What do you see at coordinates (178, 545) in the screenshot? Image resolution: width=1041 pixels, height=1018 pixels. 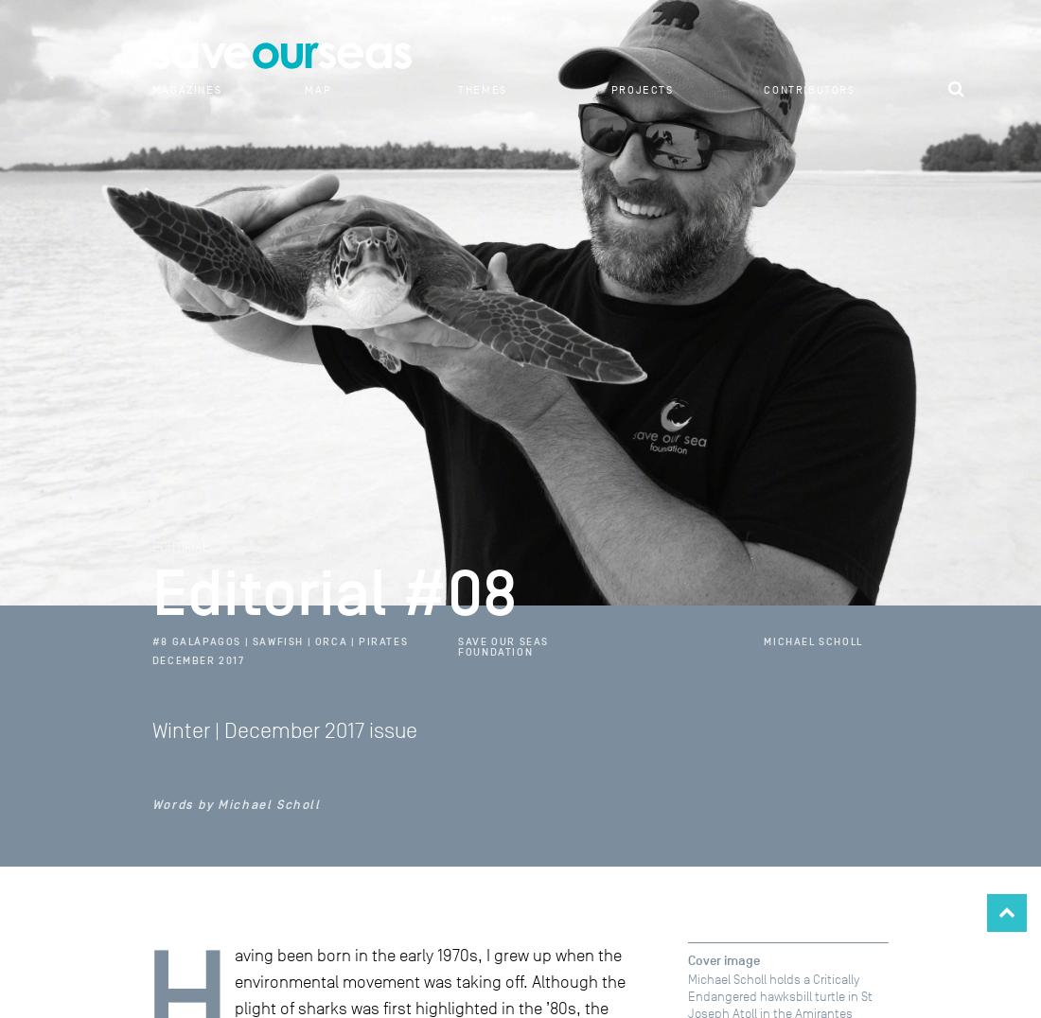 I see `'Editorial'` at bounding box center [178, 545].